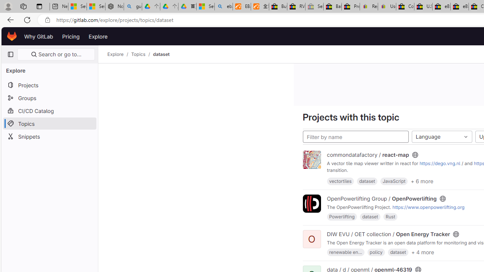 The width and height of the screenshot is (484, 272). I want to click on 'JavaScript', so click(393, 181).